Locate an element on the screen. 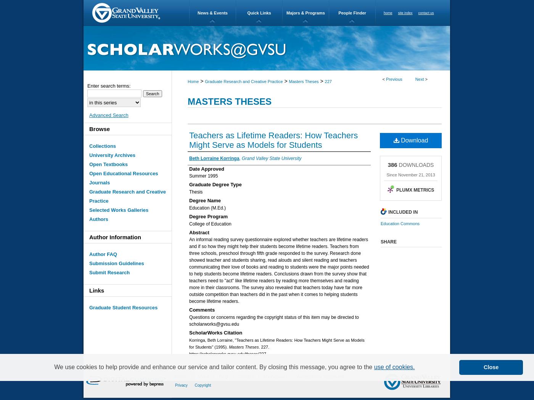 Image resolution: width=534 pixels, height=400 pixels. 'Submit Research' is located at coordinates (109, 272).